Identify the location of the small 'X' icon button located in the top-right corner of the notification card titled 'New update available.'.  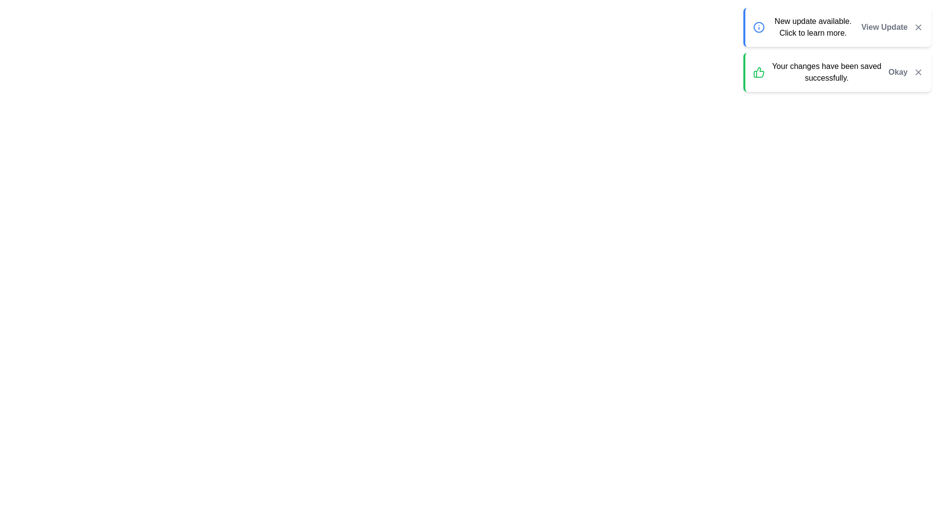
(917, 27).